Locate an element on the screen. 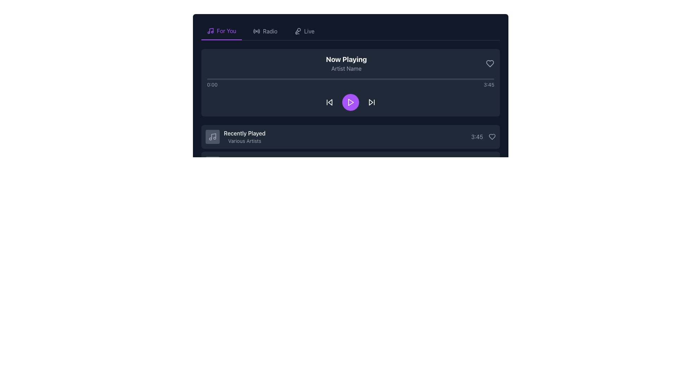 This screenshot has width=676, height=380. the heart-shaped icon button that changes color on hover, located adjacent to the time label '3:45' is located at coordinates (492, 137).